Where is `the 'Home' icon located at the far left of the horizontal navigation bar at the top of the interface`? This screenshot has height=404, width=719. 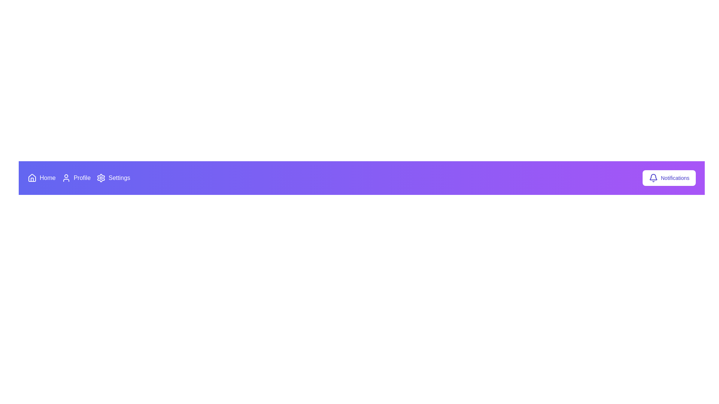 the 'Home' icon located at the far left of the horizontal navigation bar at the top of the interface is located at coordinates (32, 178).